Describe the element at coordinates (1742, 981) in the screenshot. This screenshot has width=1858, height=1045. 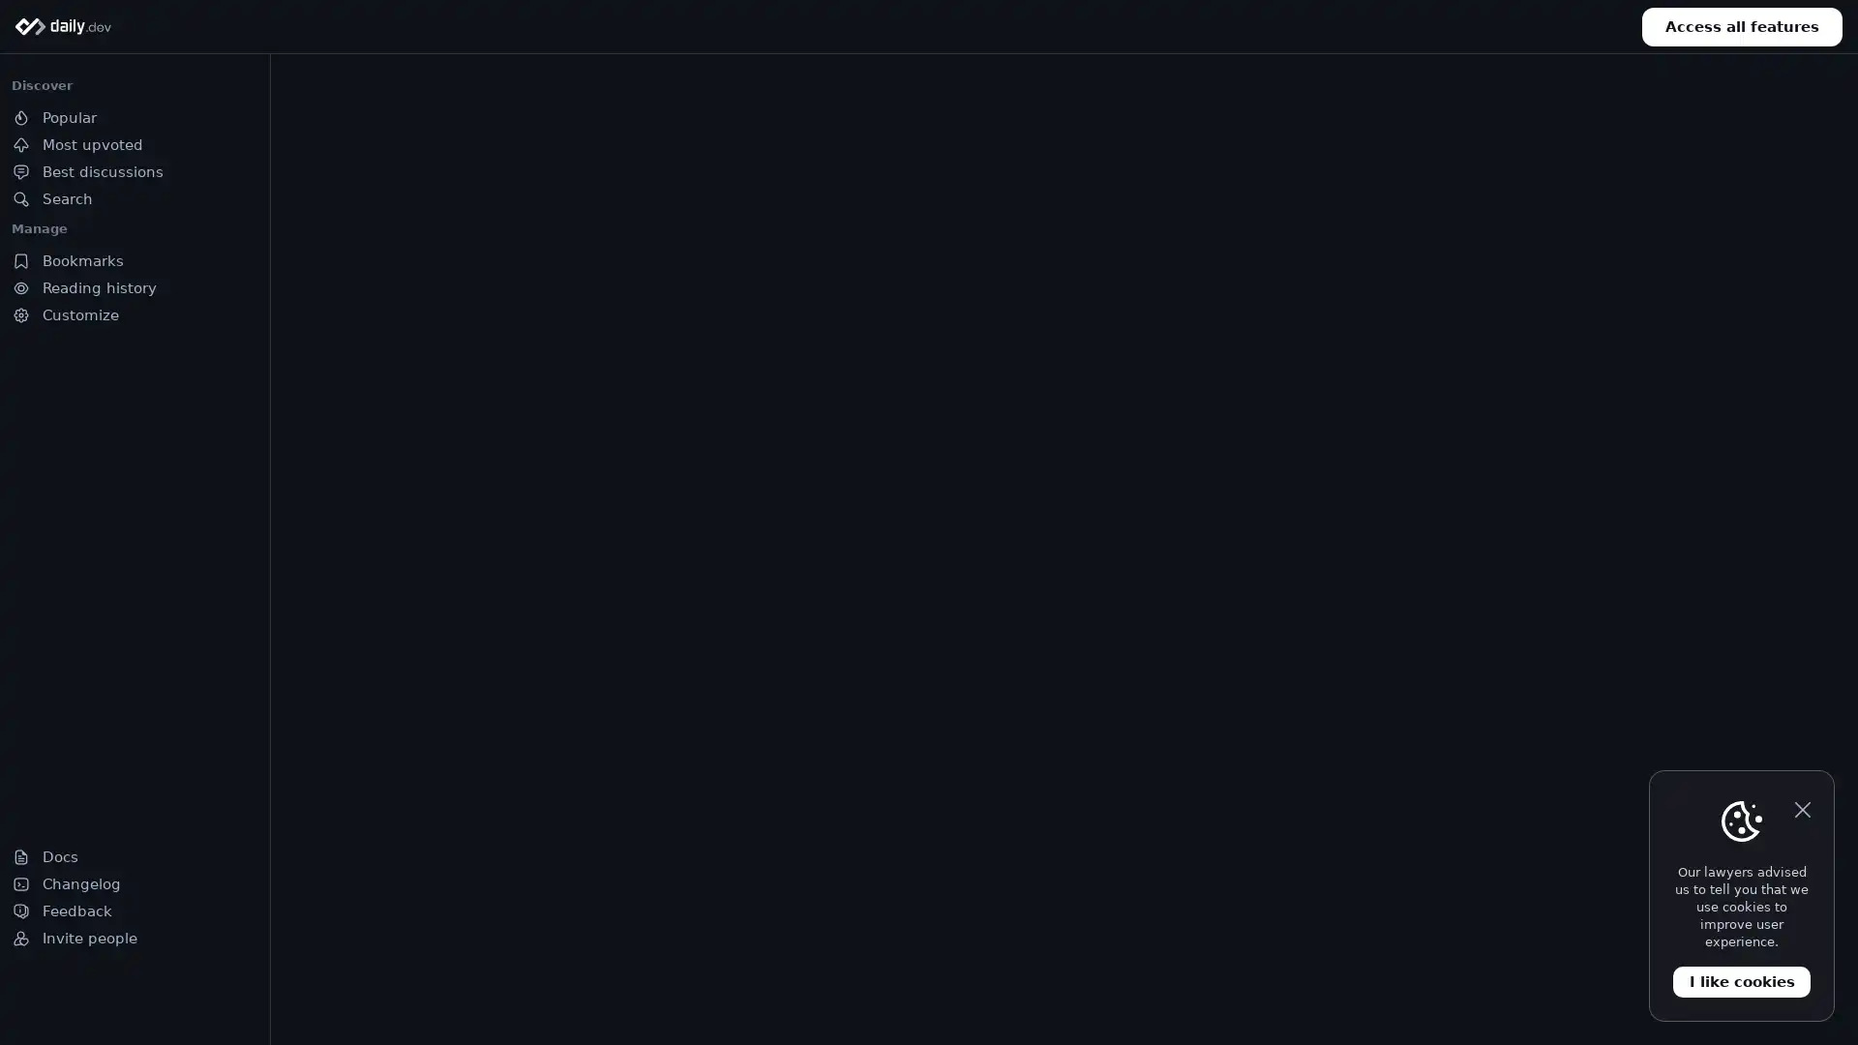
I see `I like cookies` at that location.